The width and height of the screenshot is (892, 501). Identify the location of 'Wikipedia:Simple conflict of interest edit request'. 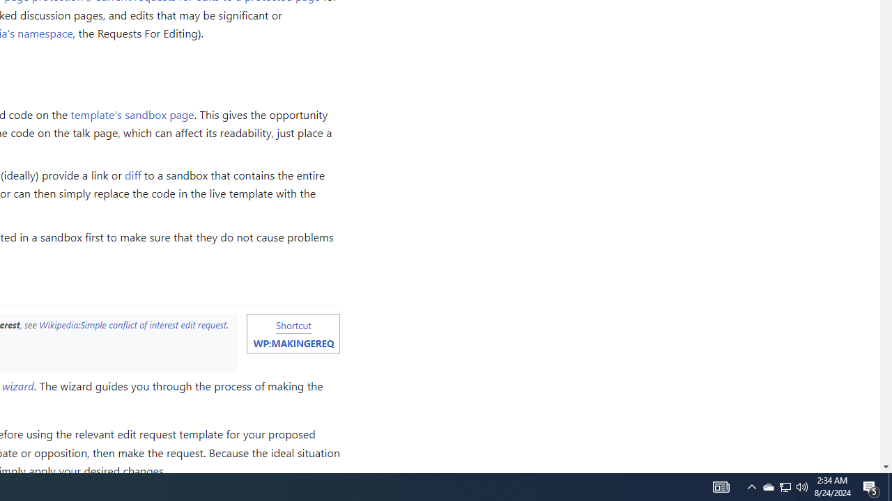
(132, 324).